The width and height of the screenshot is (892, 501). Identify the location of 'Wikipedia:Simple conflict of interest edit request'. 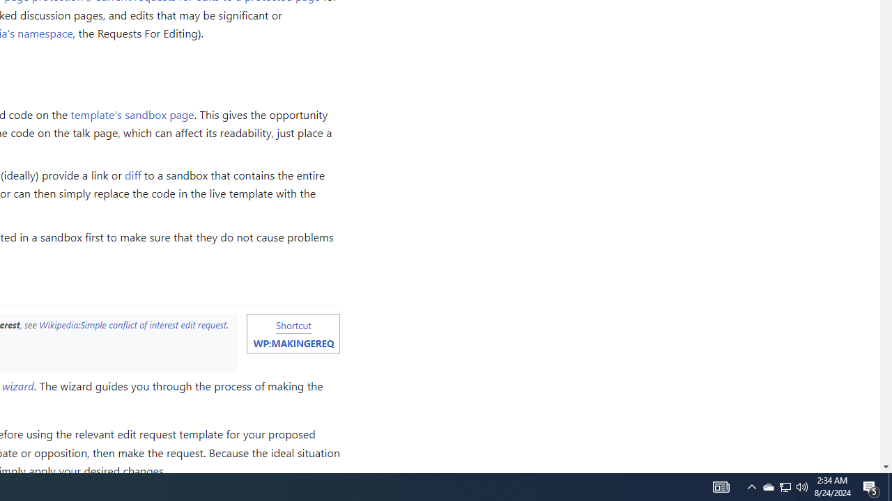
(132, 324).